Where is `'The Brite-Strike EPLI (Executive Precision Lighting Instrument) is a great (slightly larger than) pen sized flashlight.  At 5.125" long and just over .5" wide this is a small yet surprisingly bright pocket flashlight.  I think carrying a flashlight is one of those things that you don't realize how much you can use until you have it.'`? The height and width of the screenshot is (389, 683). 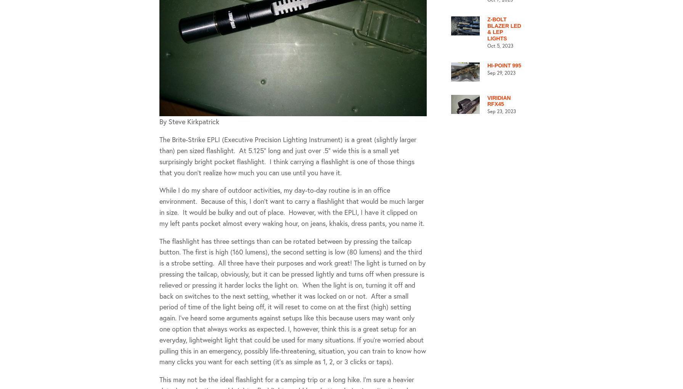 'The Brite-Strike EPLI (Executive Precision Lighting Instrument) is a great (slightly larger than) pen sized flashlight.  At 5.125" long and just over .5" wide this is a small yet surprisingly bright pocket flashlight.  I think carrying a flashlight is one of those things that you don't realize how much you can use until you have it.' is located at coordinates (288, 155).